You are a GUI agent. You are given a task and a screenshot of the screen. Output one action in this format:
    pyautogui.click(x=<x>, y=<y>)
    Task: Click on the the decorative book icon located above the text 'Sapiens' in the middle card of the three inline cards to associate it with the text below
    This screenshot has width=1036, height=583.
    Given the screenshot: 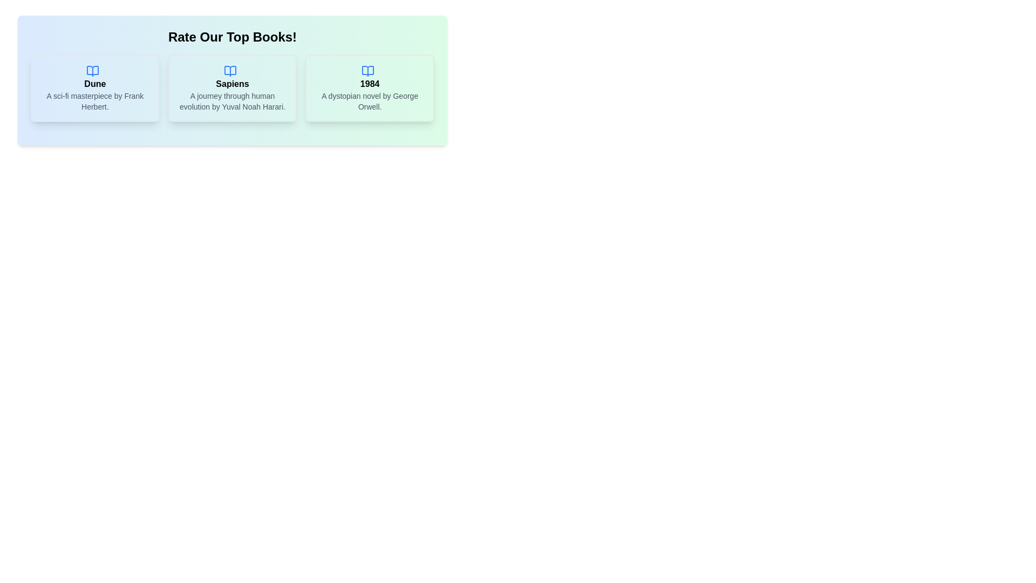 What is the action you would take?
    pyautogui.click(x=230, y=71)
    